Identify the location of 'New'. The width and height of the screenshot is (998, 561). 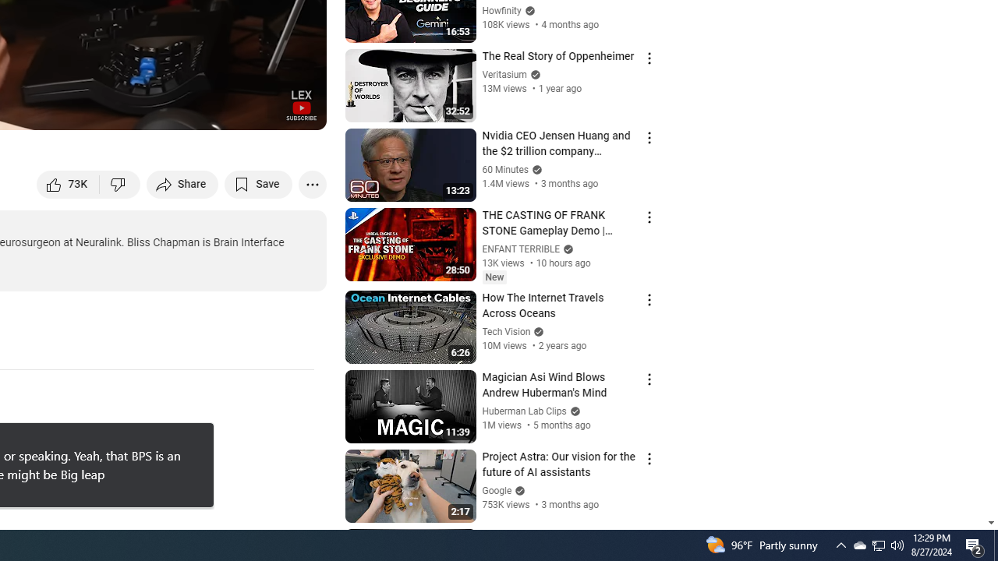
(494, 277).